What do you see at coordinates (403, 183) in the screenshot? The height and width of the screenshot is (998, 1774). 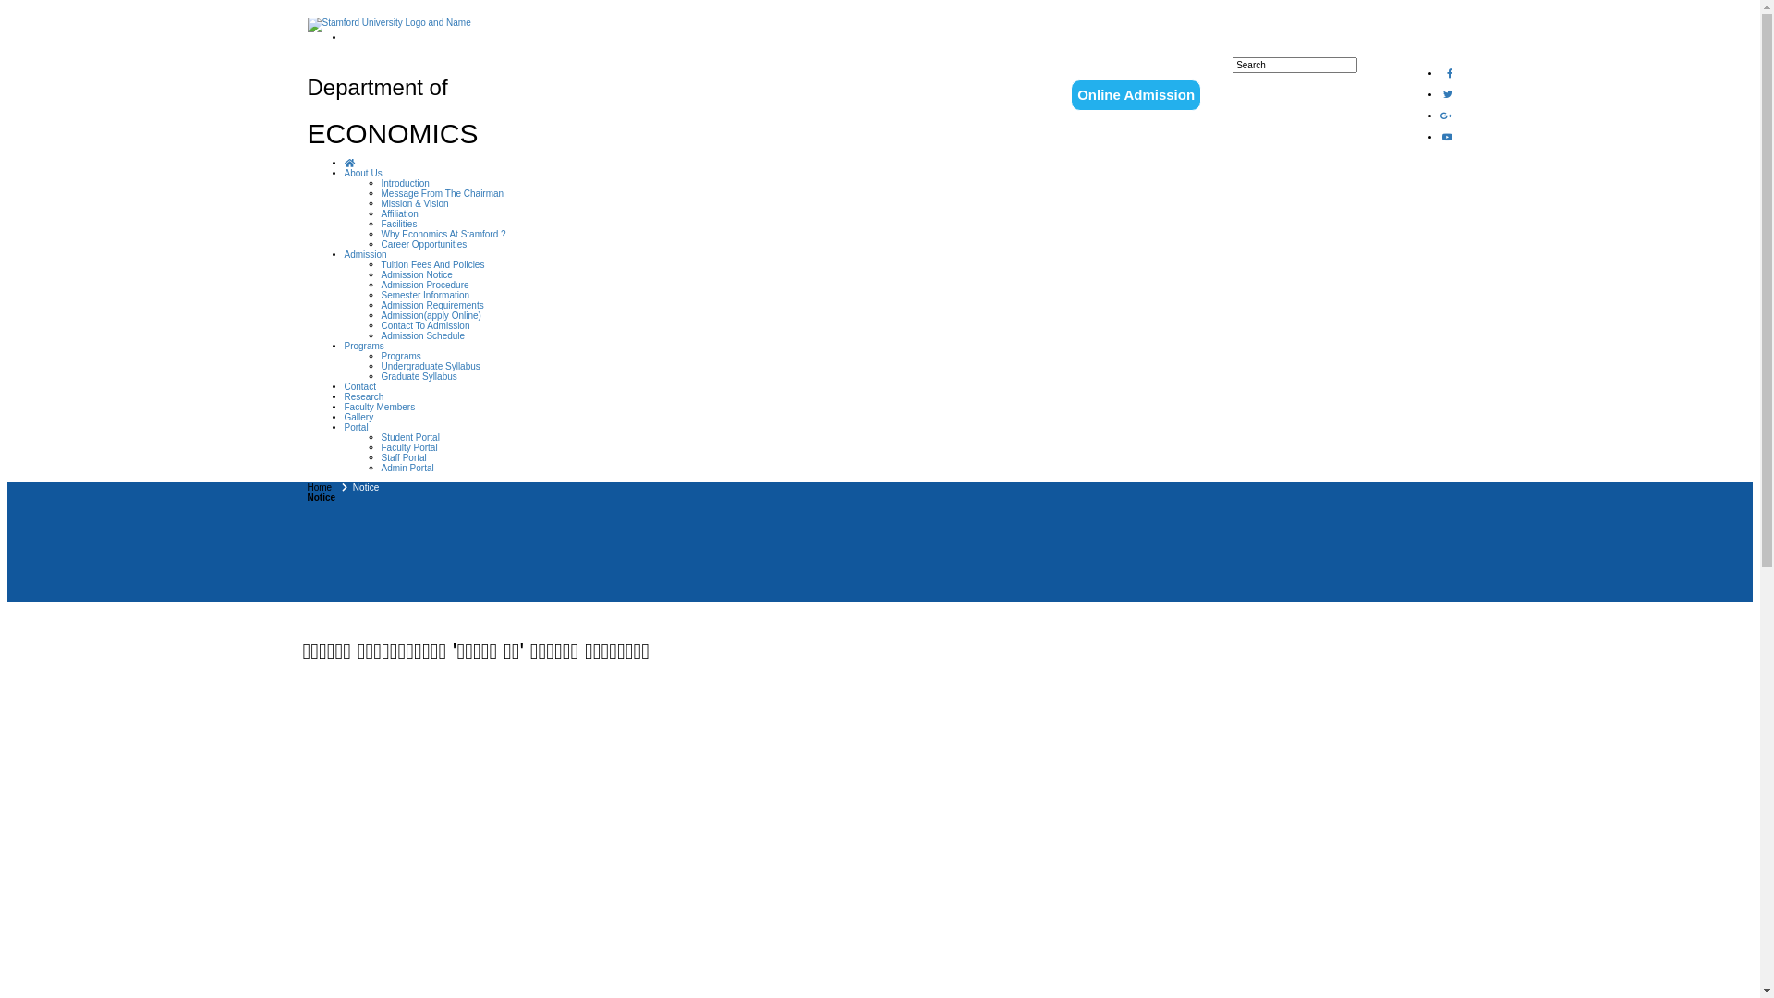 I see `'Introduction'` at bounding box center [403, 183].